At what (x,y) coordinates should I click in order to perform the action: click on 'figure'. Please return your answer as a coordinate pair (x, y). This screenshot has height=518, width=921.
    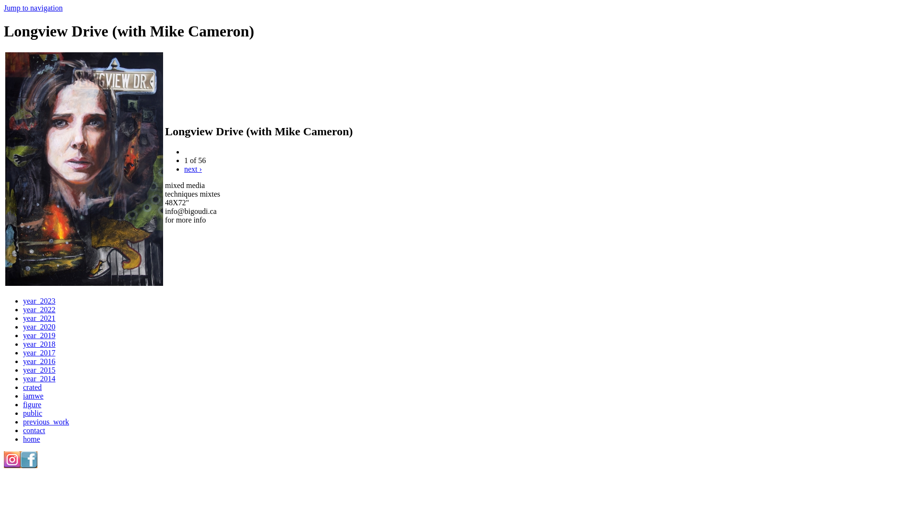
    Looking at the image, I should click on (32, 404).